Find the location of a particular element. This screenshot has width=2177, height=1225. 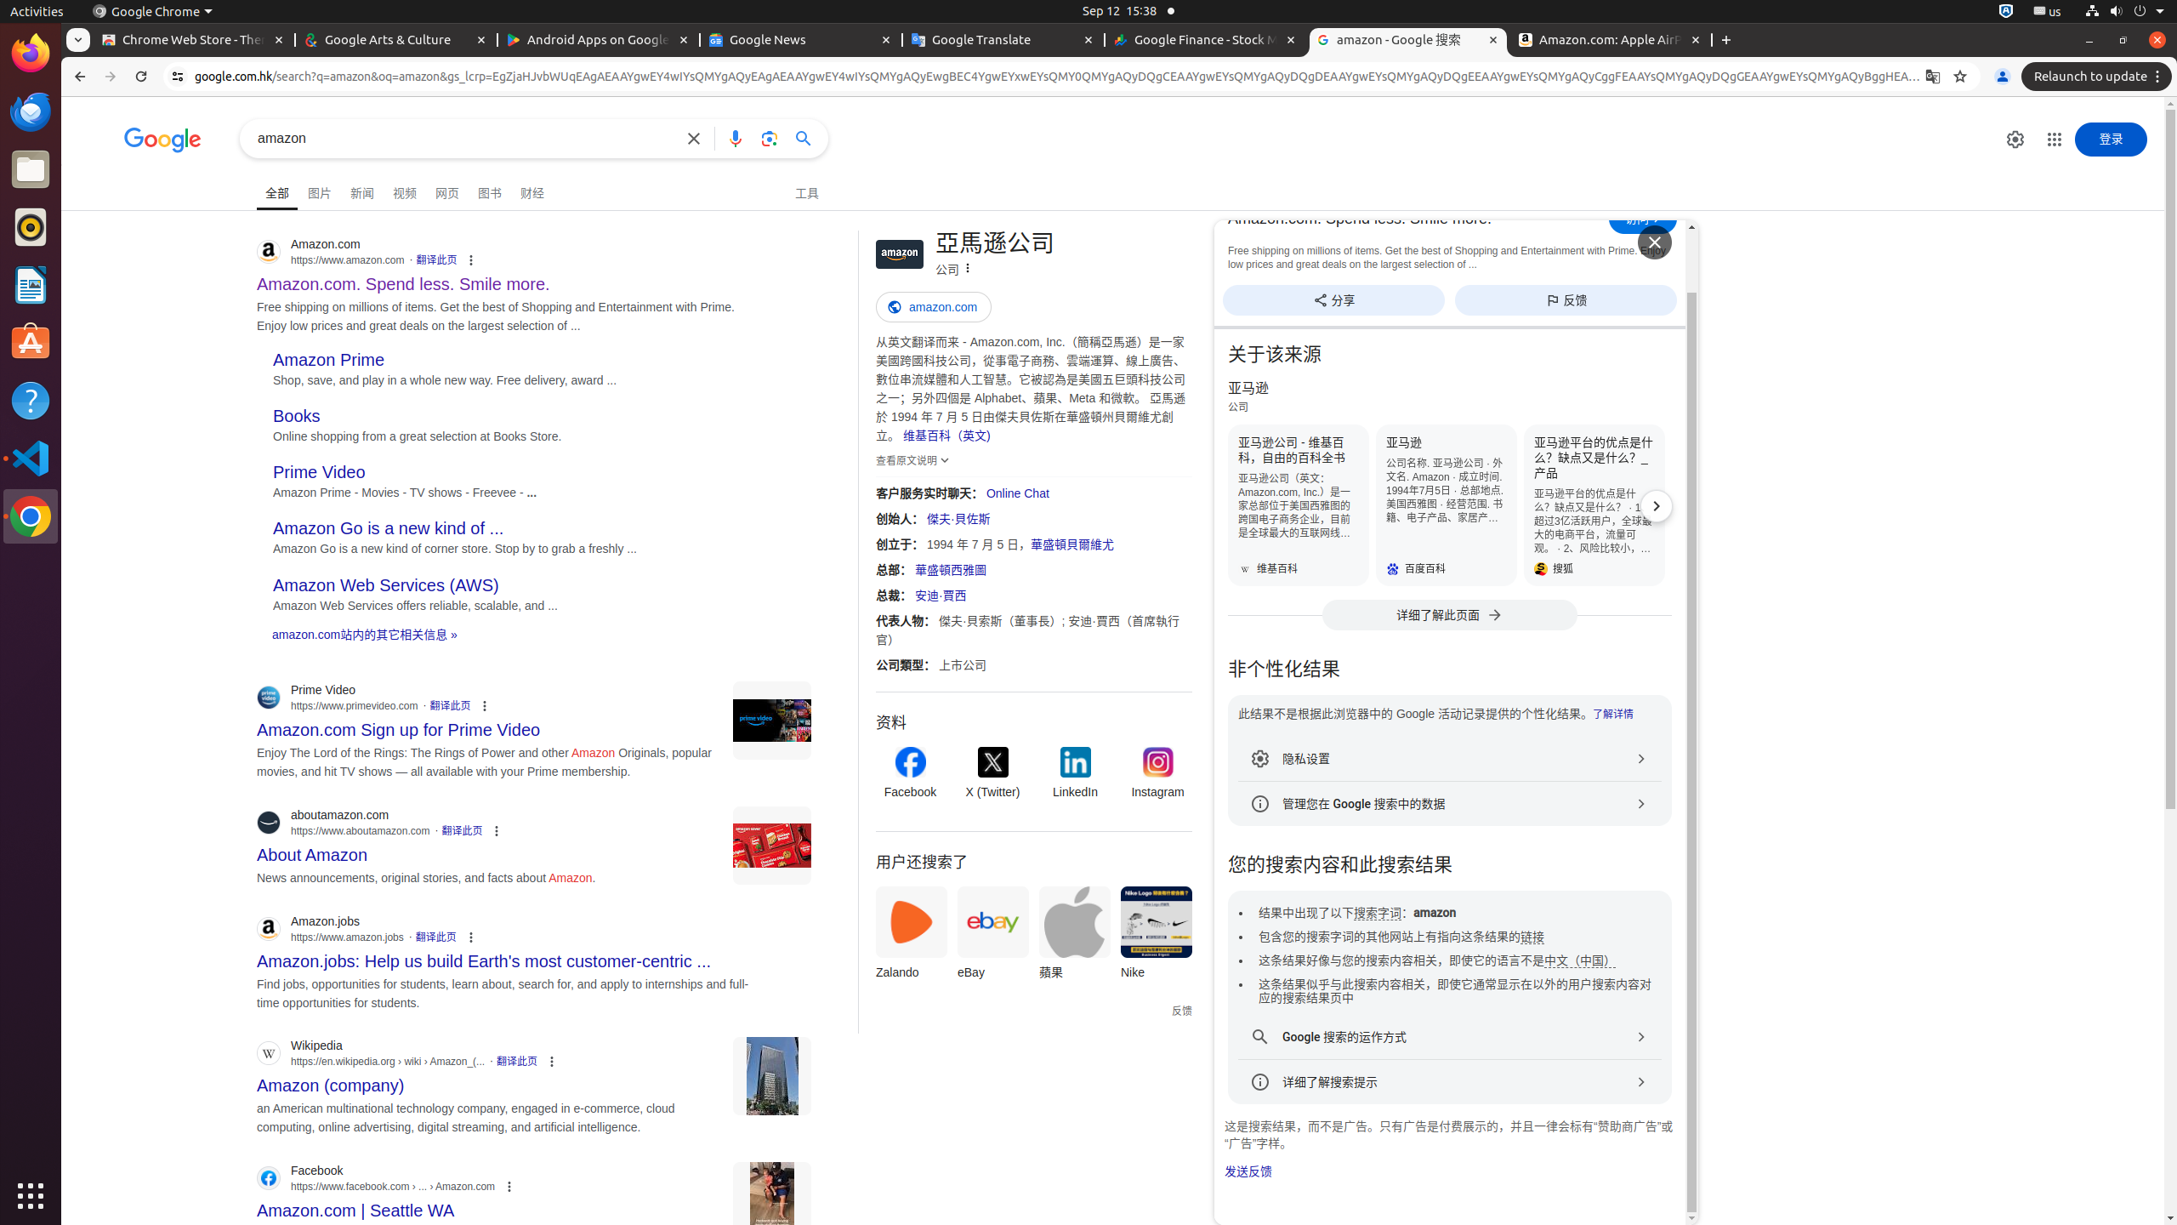

' Amazon (company) Wikipedia https://en.wikipedia.org › wiki › Amazon_(...' is located at coordinates (330, 1080).